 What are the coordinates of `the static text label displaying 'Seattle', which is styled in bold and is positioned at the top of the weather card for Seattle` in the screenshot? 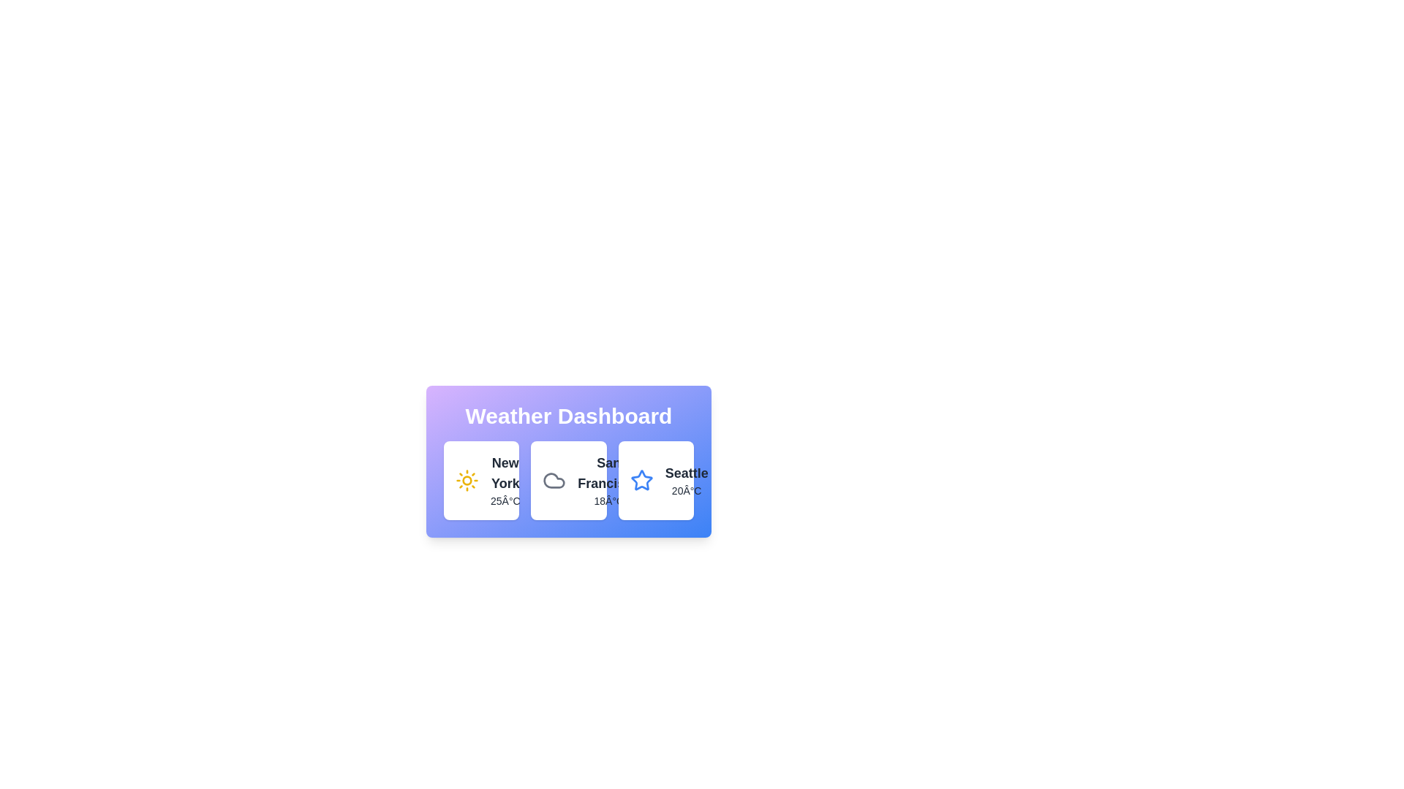 It's located at (686, 473).